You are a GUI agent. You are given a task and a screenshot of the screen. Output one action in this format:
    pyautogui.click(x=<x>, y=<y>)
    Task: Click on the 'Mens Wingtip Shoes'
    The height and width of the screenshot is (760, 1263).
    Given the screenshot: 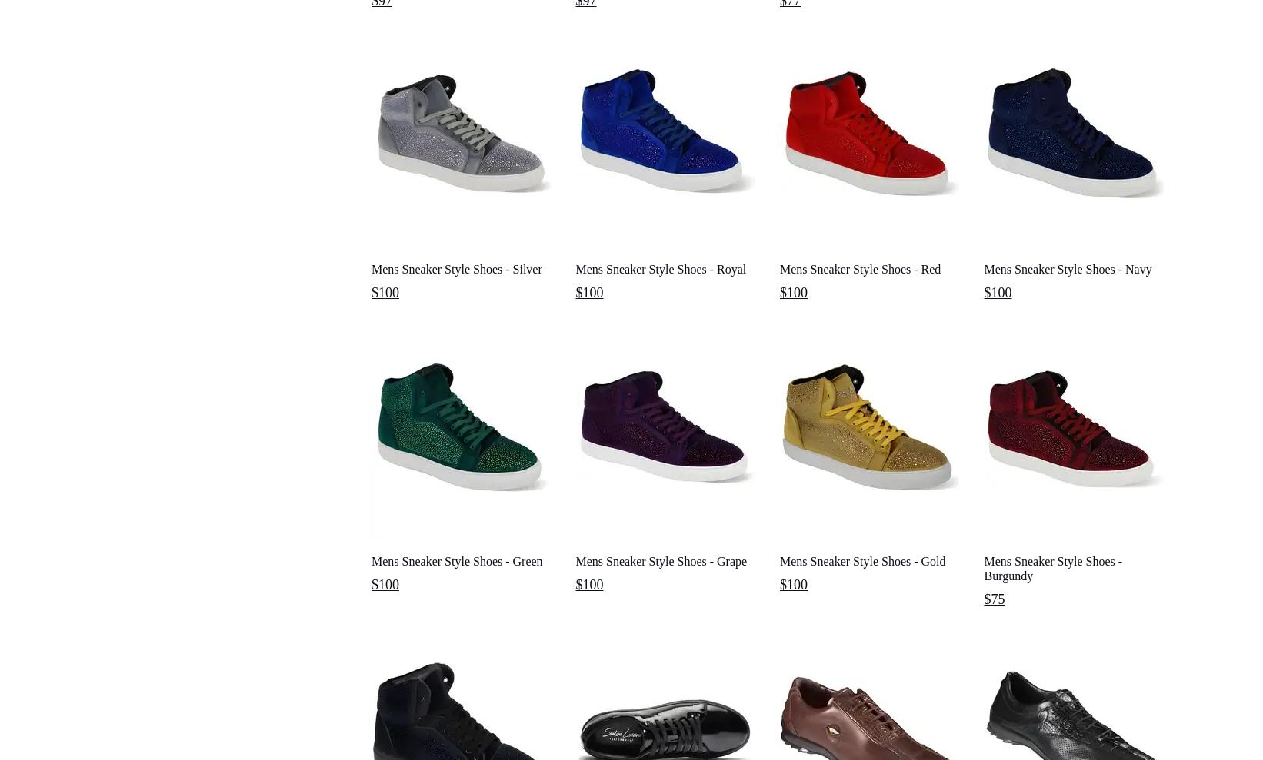 What is the action you would take?
    pyautogui.click(x=408, y=51)
    